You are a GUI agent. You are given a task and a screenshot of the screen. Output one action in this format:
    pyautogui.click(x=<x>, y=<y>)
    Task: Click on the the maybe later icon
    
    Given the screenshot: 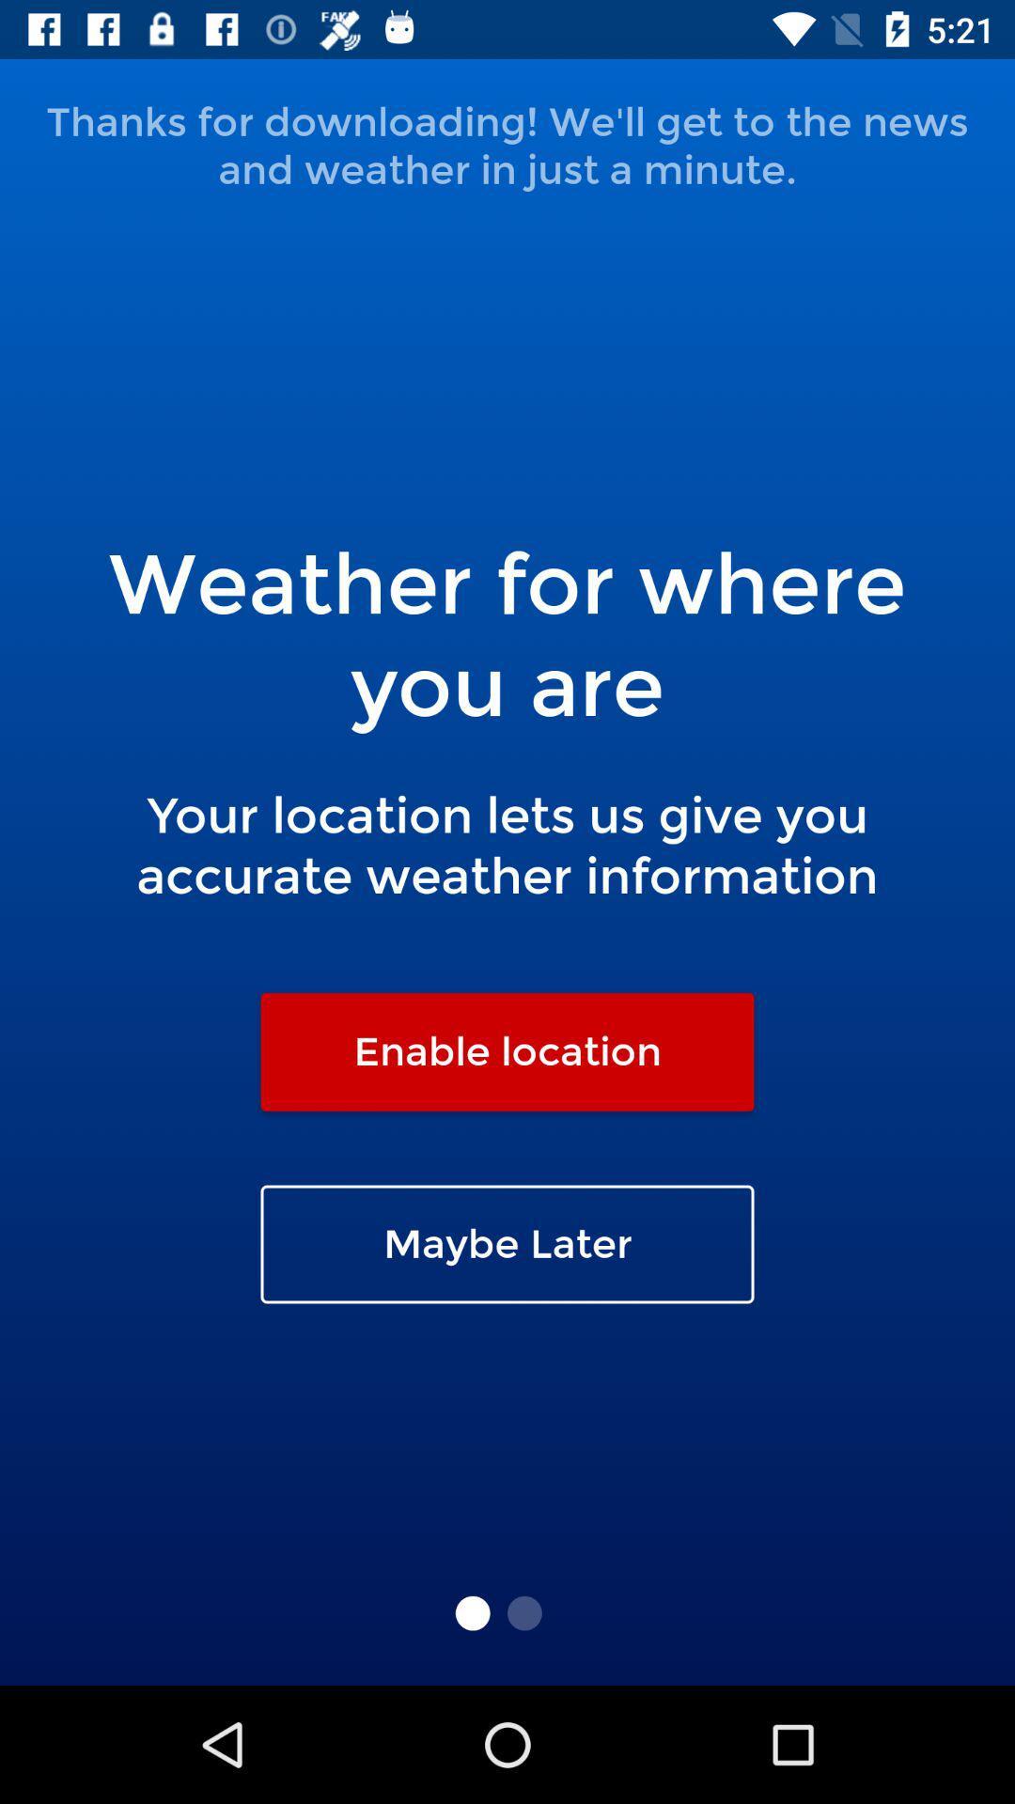 What is the action you would take?
    pyautogui.click(x=507, y=1244)
    